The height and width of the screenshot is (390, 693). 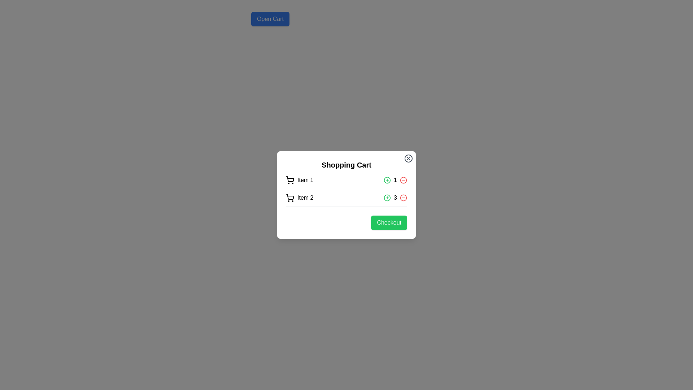 I want to click on the text label displaying 'Item 1' in the shopping cart dialog, which is aligned with a shopping cart icon to its left and is the first product listed, so click(x=305, y=179).